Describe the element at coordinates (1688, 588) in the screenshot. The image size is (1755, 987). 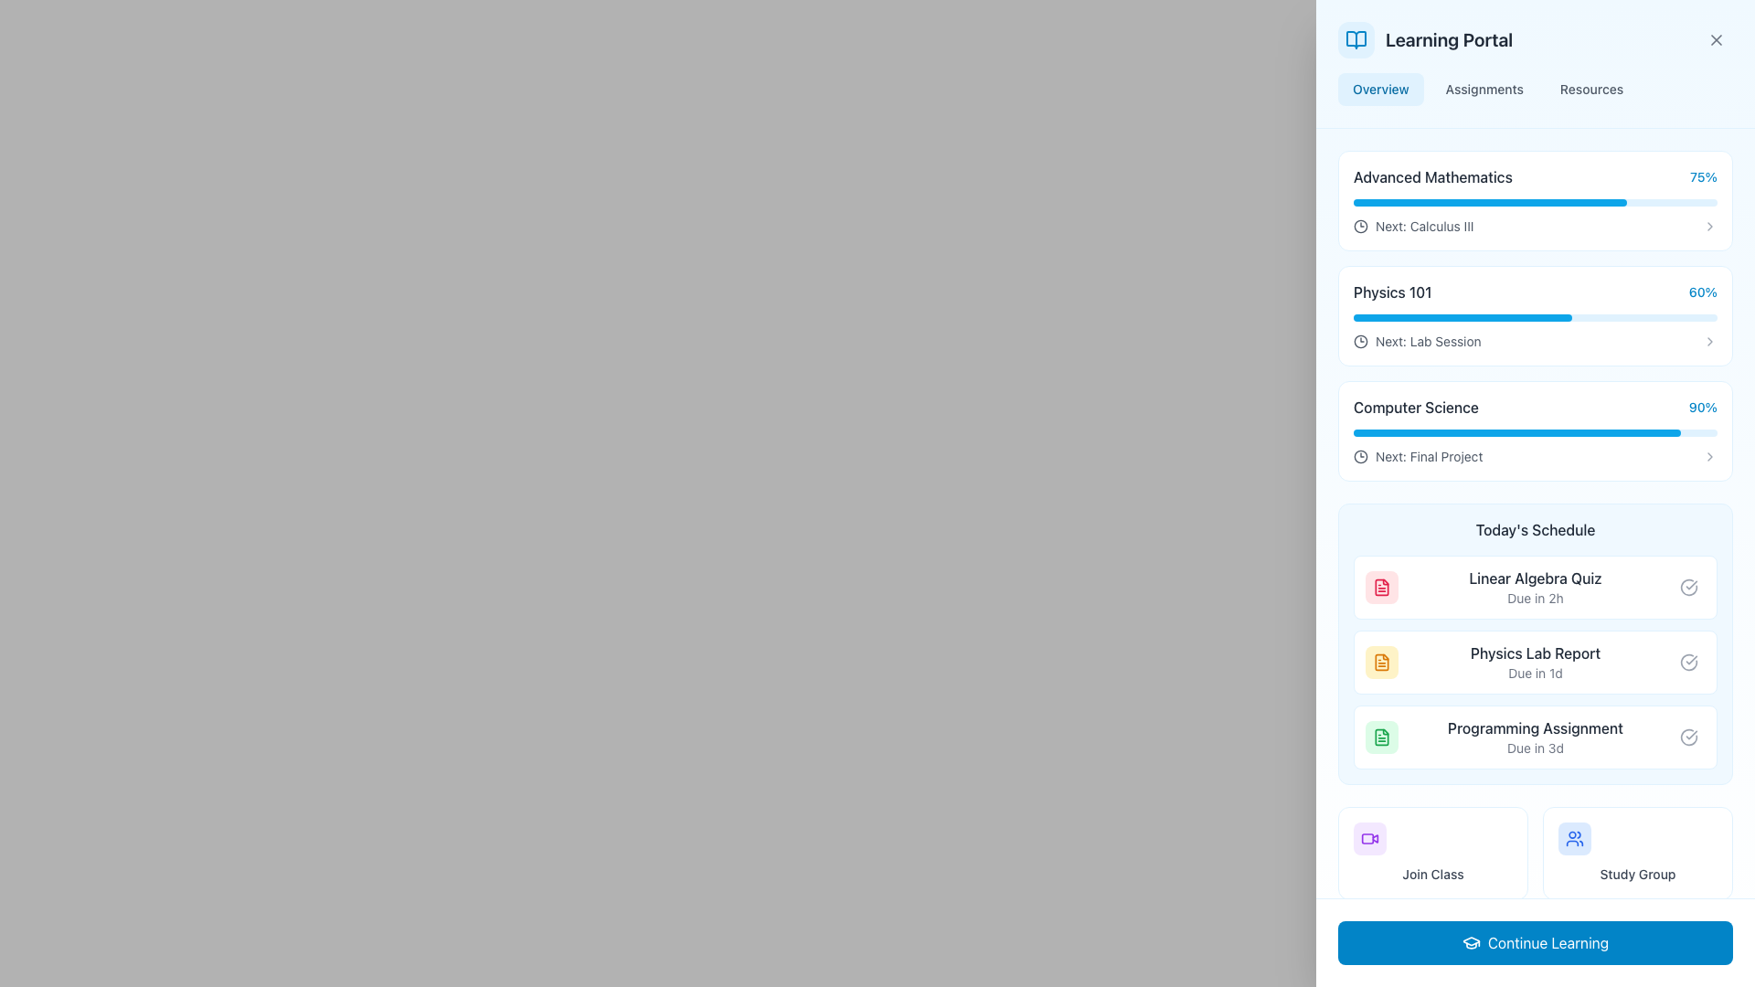
I see `the completion status icon located in the rightmost portion of the list entry labeled 'Linear Algebra Quiz'` at that location.